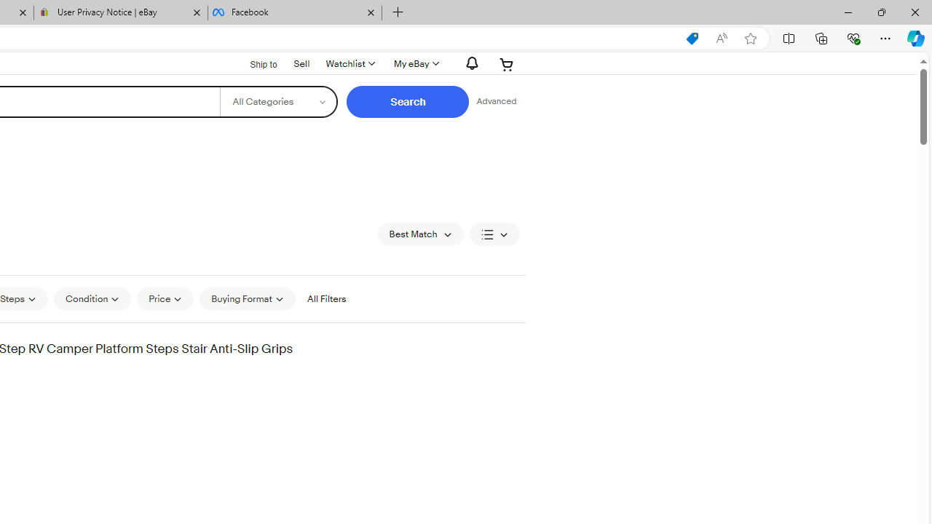  I want to click on 'Select a category for search', so click(278, 101).